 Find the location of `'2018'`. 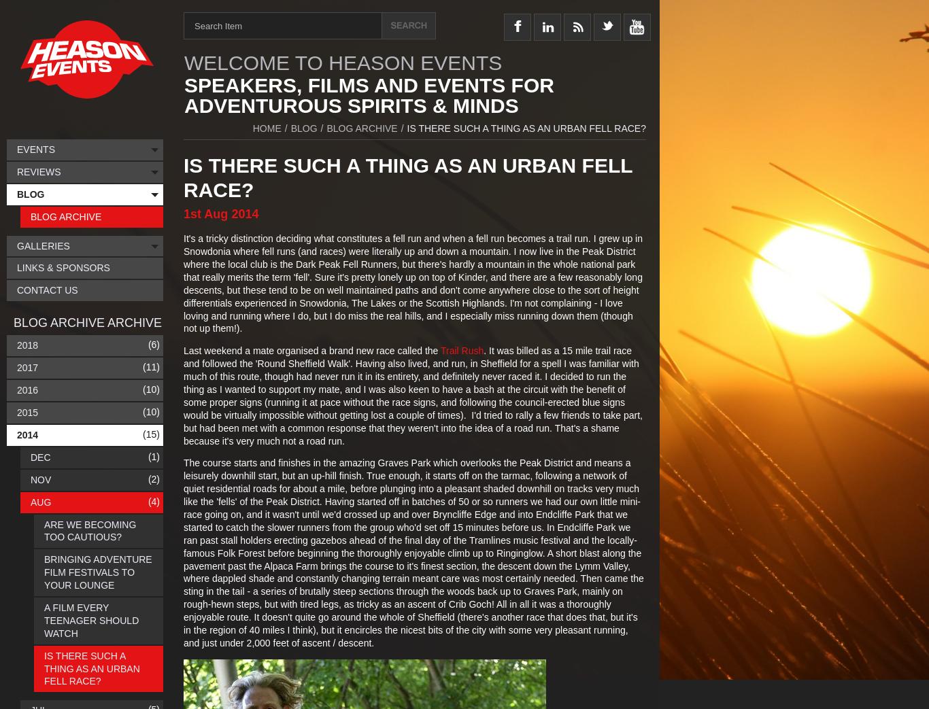

'2018' is located at coordinates (27, 345).